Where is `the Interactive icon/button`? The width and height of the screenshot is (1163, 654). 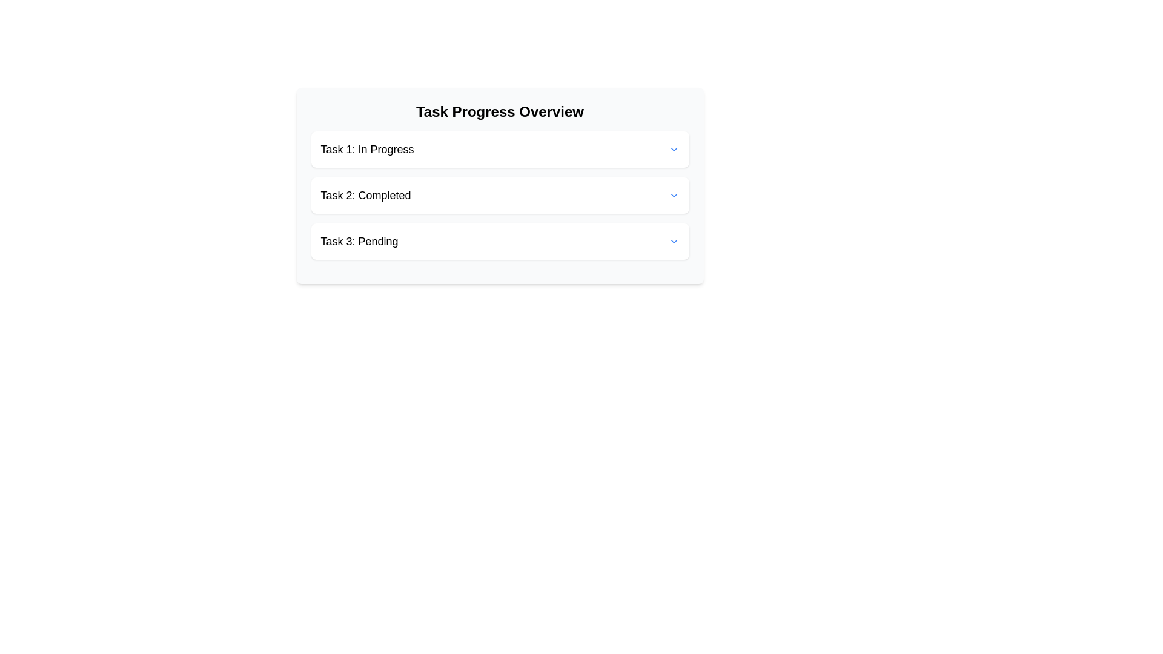 the Interactive icon/button is located at coordinates (673, 148).